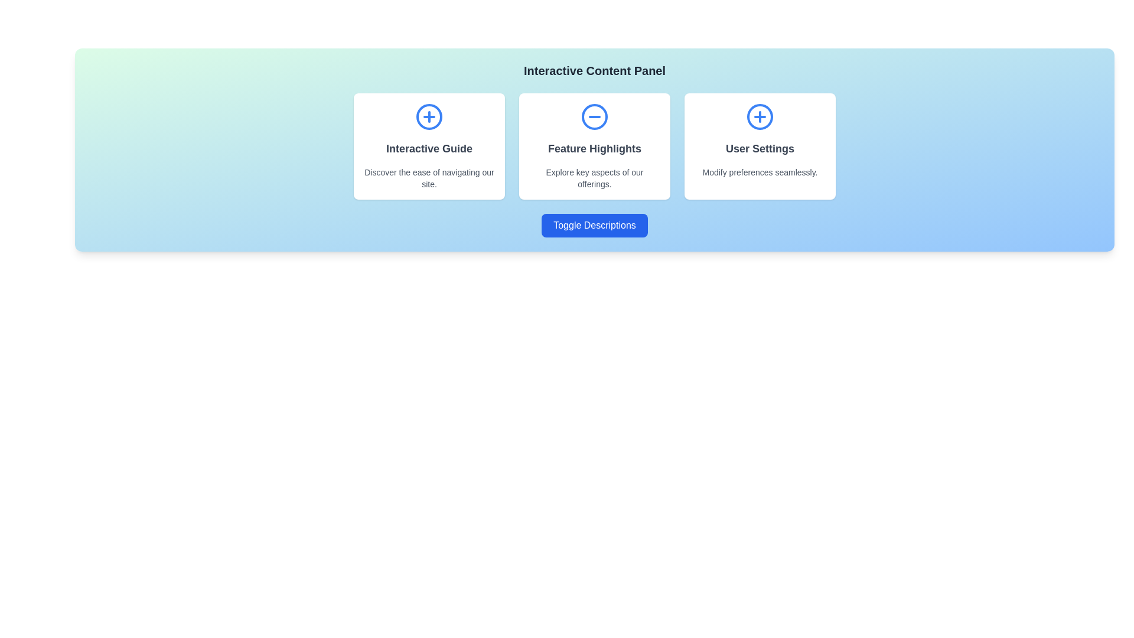 The image size is (1134, 638). I want to click on the circular icon with a blue border and a plus sign (+) at its center, located in the leftmost card titled 'Interactive Guide', so click(428, 116).